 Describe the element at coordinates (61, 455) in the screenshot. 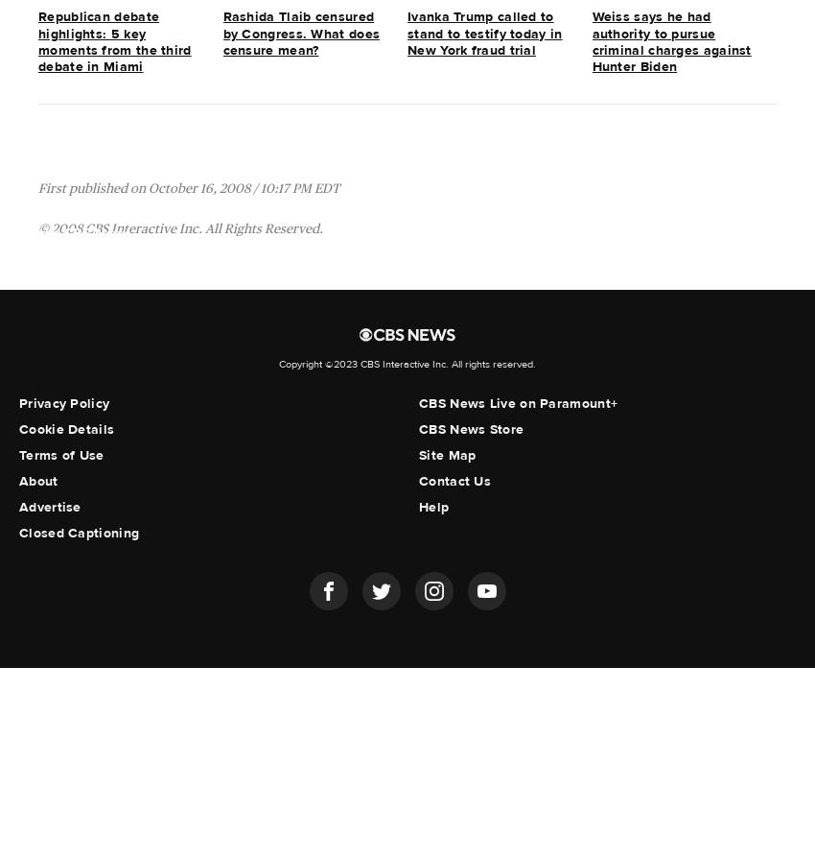

I see `'Terms of Use'` at that location.